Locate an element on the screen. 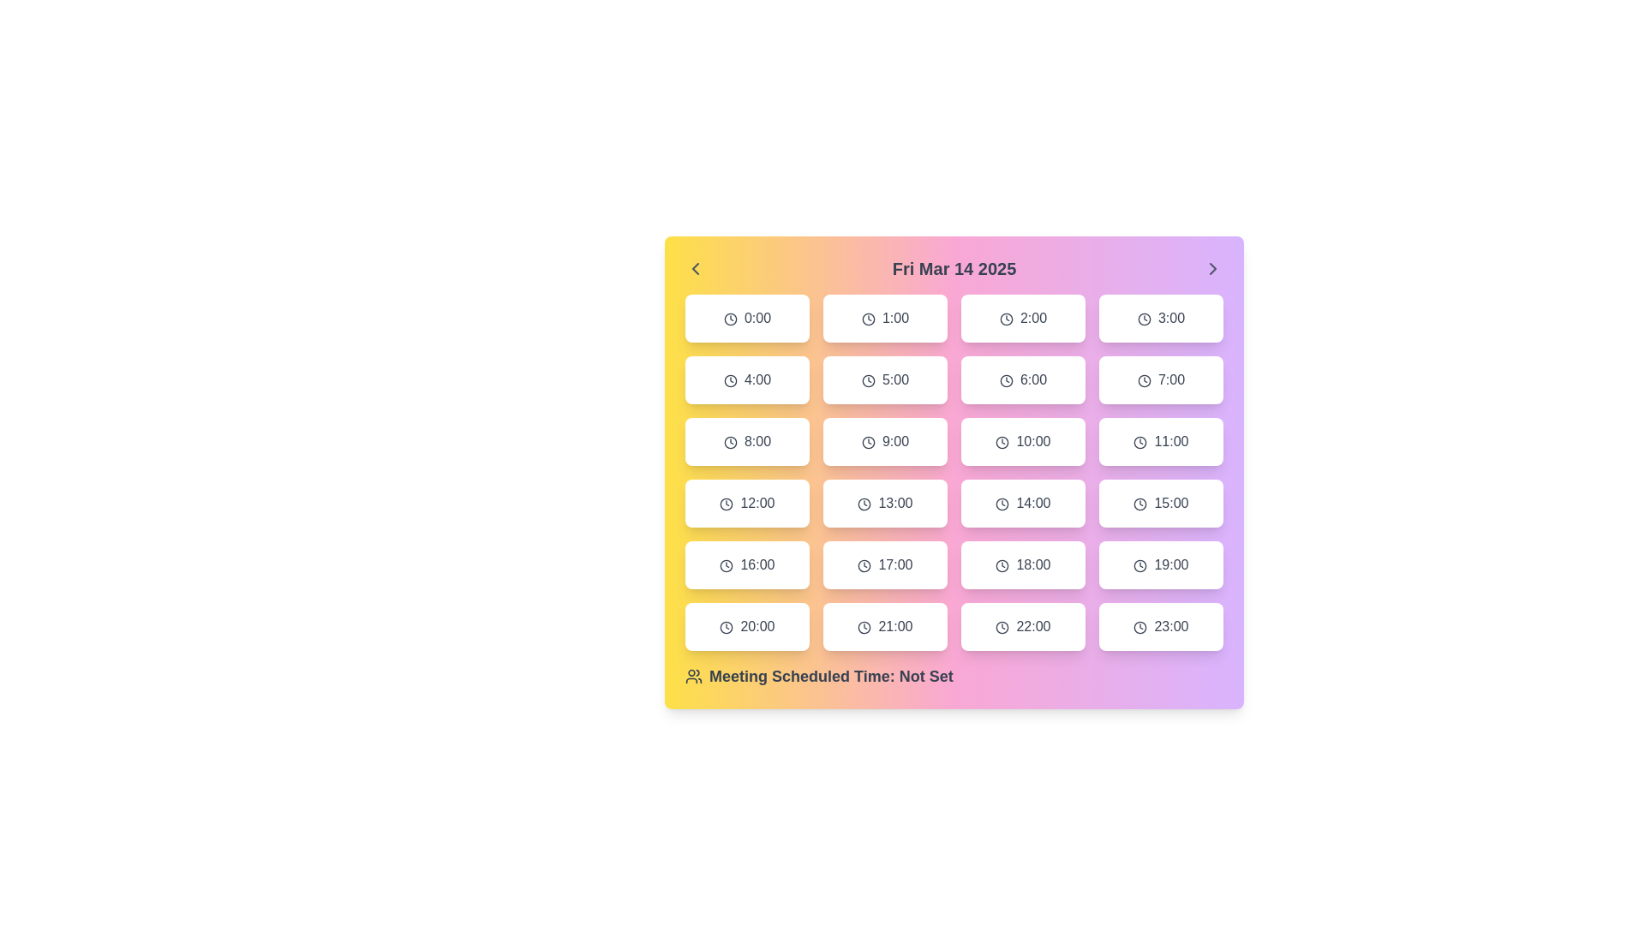 The image size is (1645, 925). the clock icon within the '13:00' button, which is positioned in the fourth column of the second row of the layout grid is located at coordinates (864, 503).